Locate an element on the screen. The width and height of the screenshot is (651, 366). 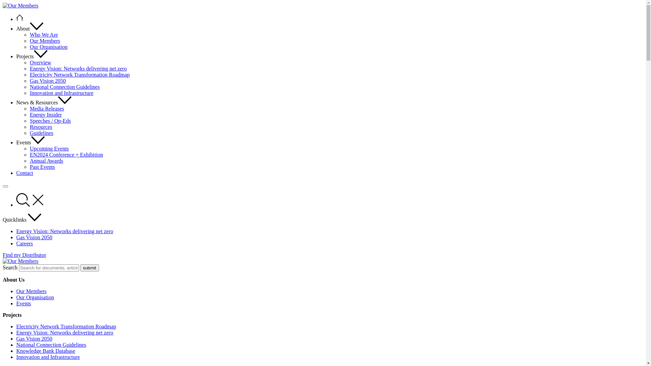
'Media Releases' is located at coordinates (46, 108).